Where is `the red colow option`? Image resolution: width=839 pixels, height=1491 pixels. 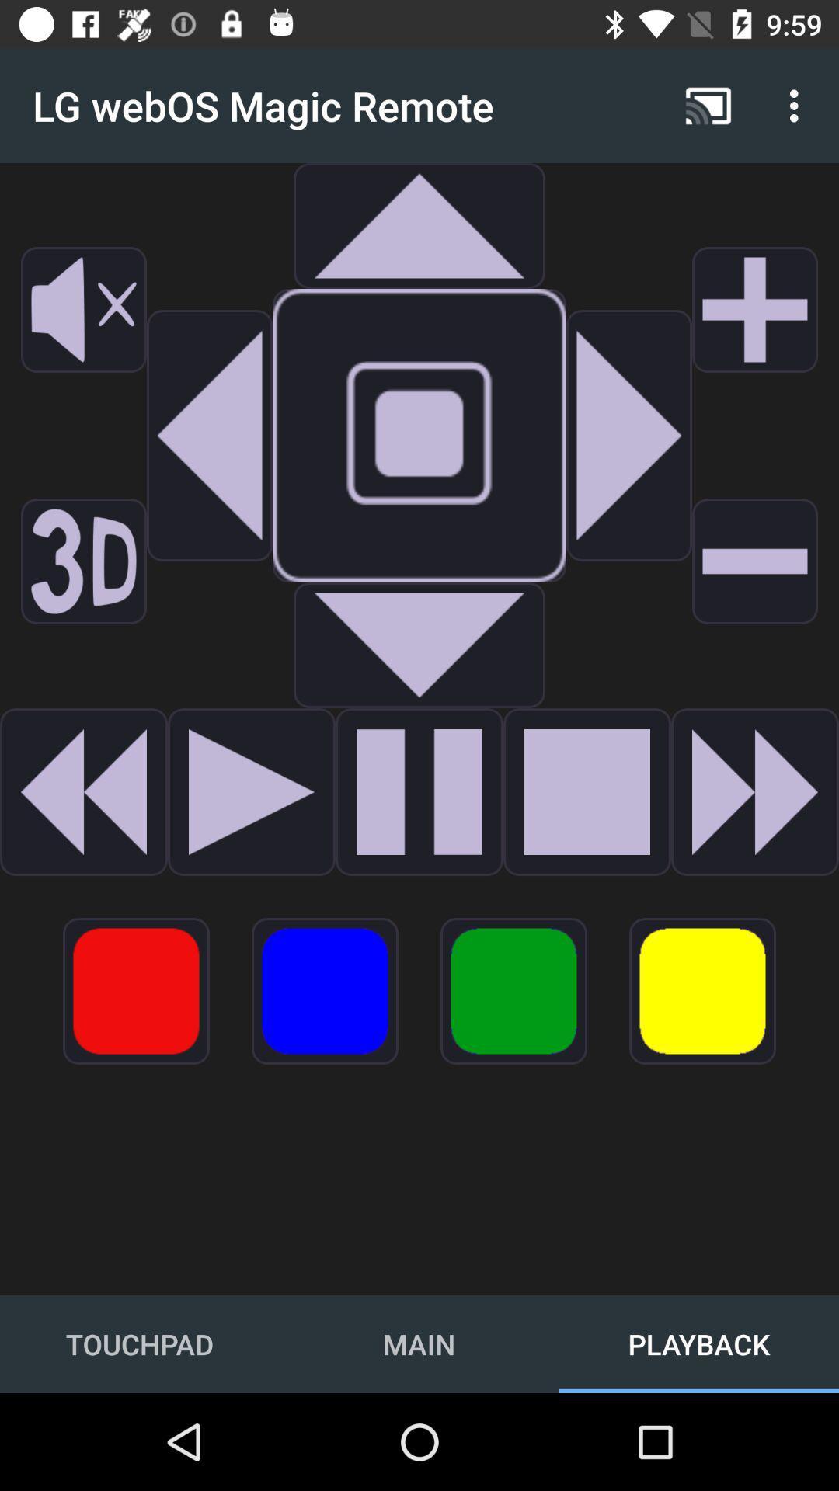 the red colow option is located at coordinates (135, 990).